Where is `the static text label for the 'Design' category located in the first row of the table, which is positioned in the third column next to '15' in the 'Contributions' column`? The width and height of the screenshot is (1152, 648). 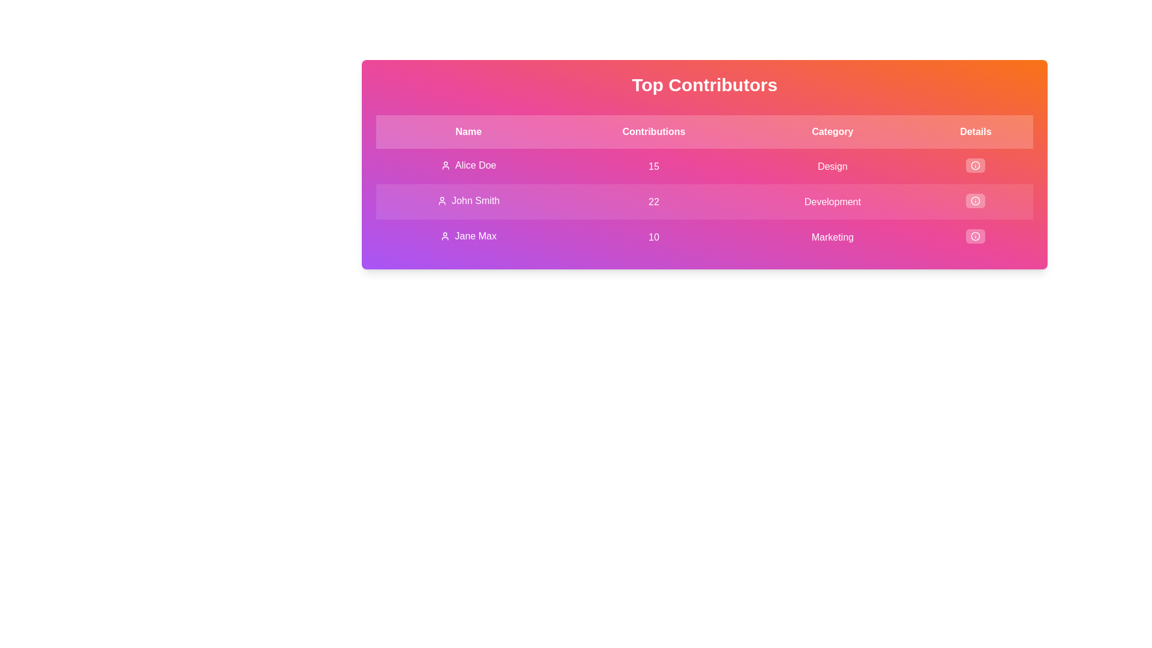
the static text label for the 'Design' category located in the first row of the table, which is positioned in the third column next to '15' in the 'Contributions' column is located at coordinates (832, 166).